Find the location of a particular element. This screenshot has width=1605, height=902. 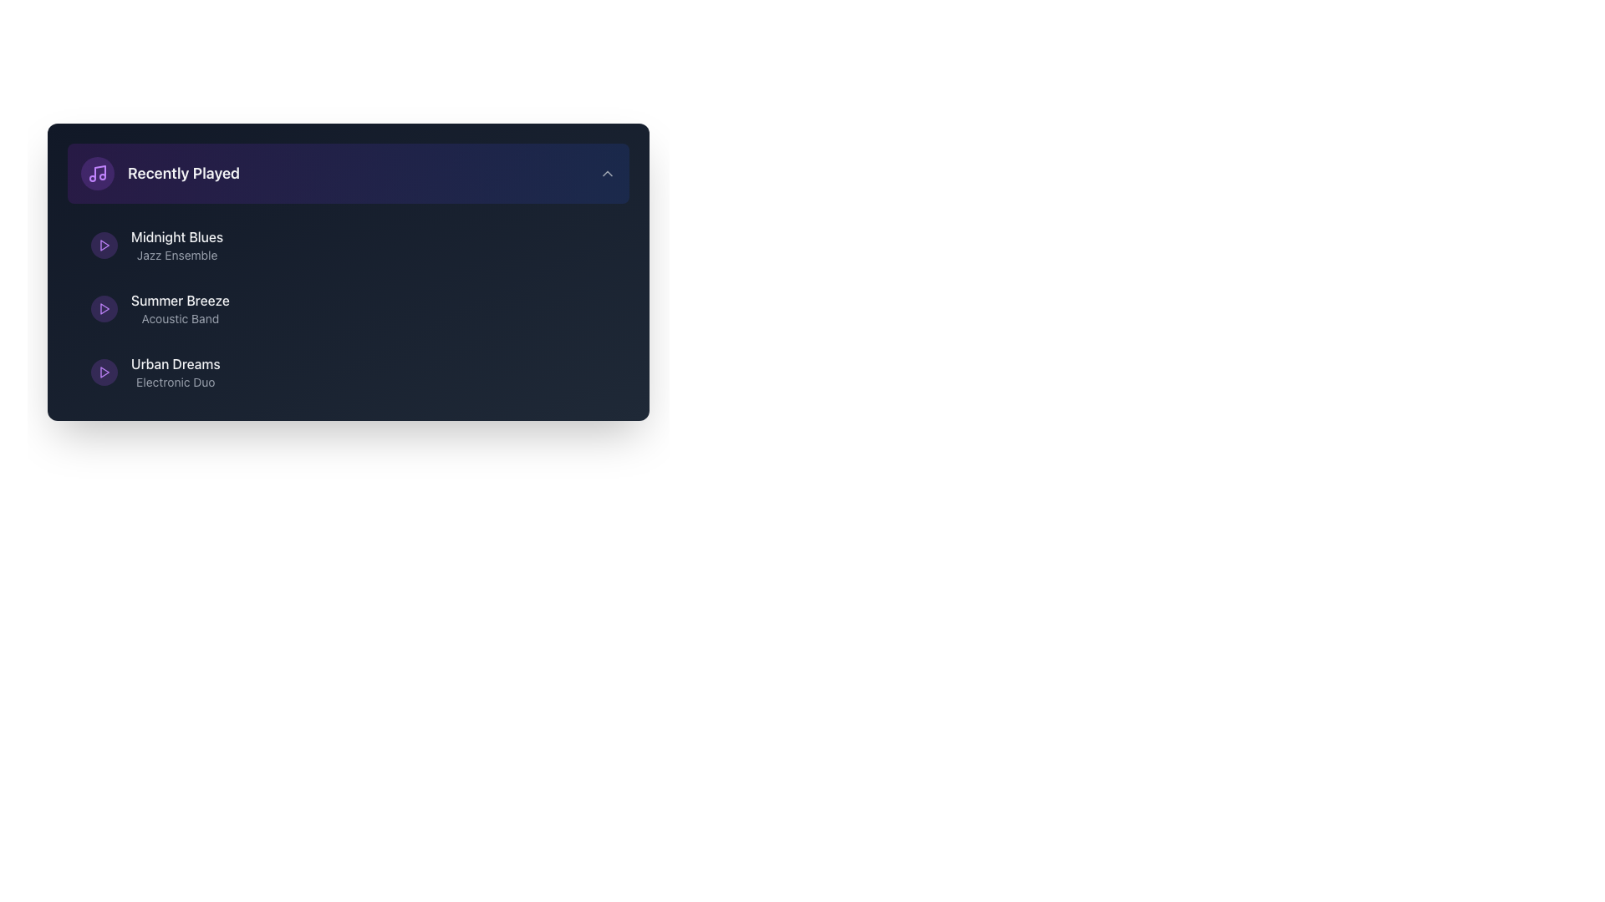

on the second track entry item in the music list, which is positioned between 'Midnight Blues' and 'Urban Dreams' is located at coordinates (354, 309).